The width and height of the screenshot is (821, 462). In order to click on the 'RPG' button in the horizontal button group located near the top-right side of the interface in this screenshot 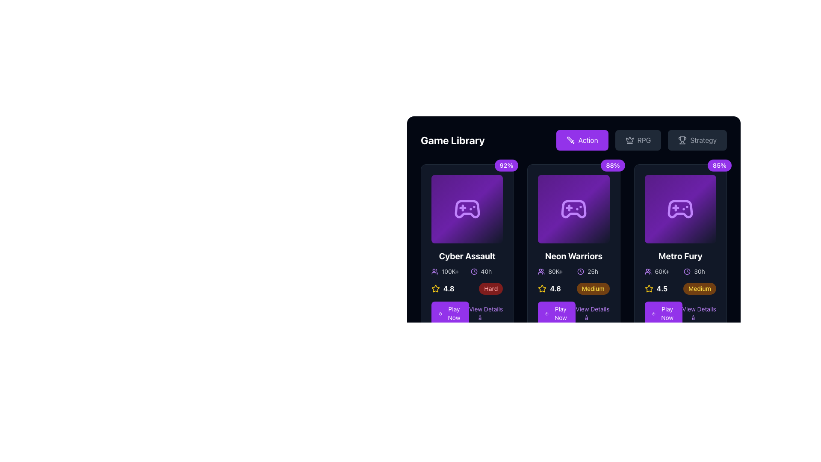, I will do `click(641, 139)`.